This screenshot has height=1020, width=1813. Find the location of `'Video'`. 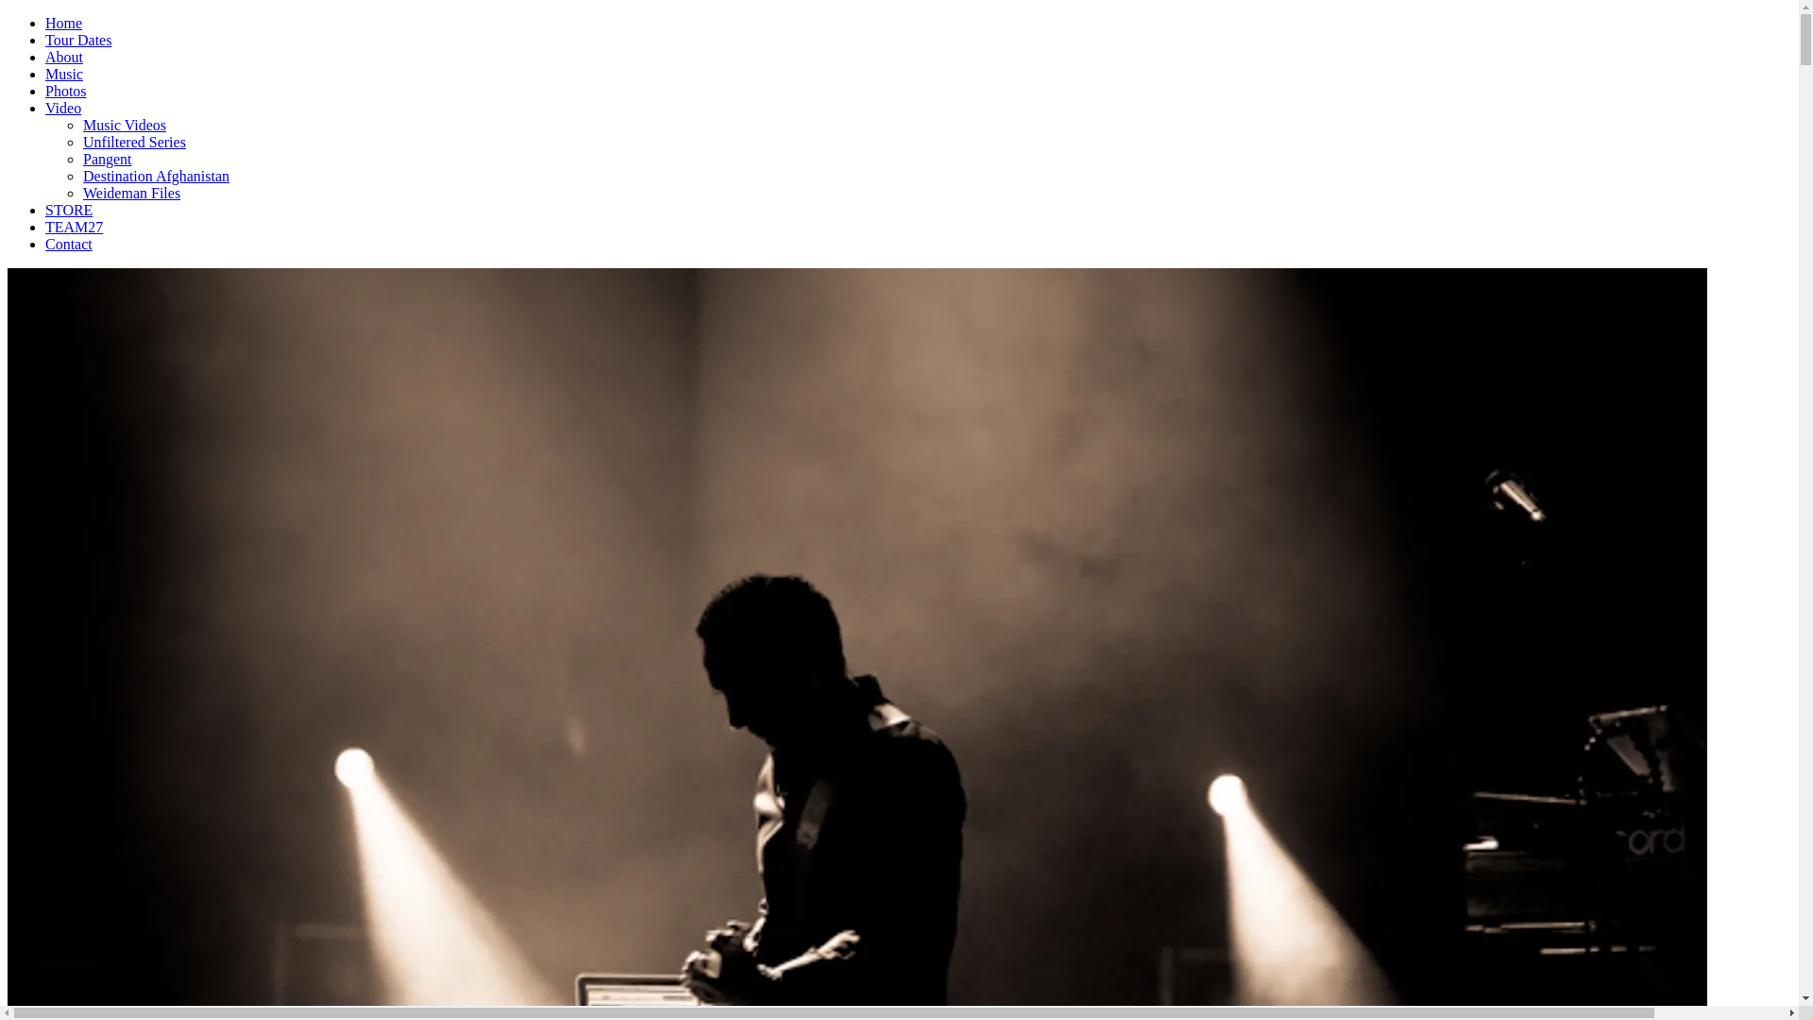

'Video' is located at coordinates (63, 108).